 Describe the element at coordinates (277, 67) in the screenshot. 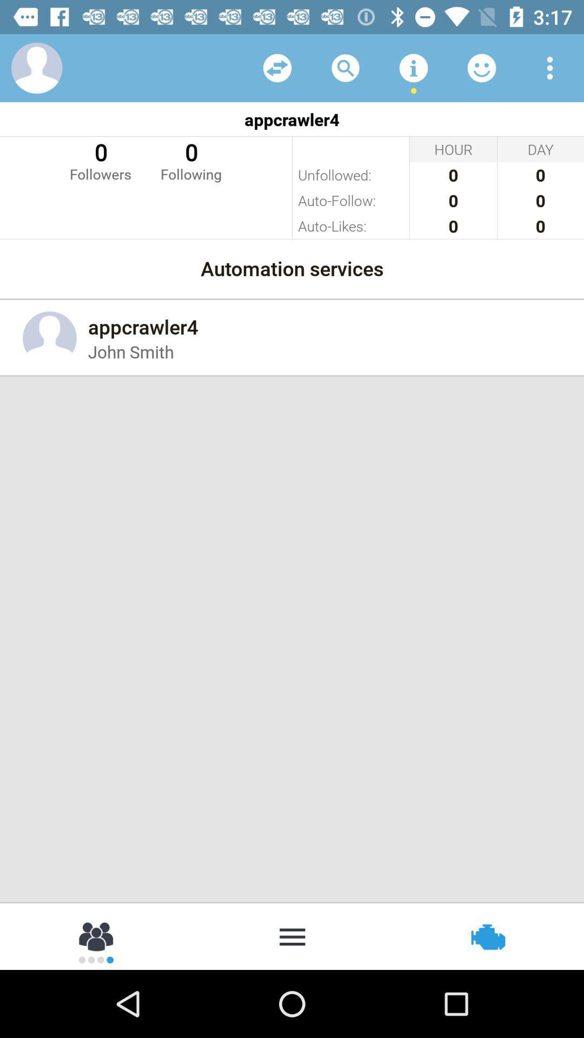

I see `reload button` at that location.